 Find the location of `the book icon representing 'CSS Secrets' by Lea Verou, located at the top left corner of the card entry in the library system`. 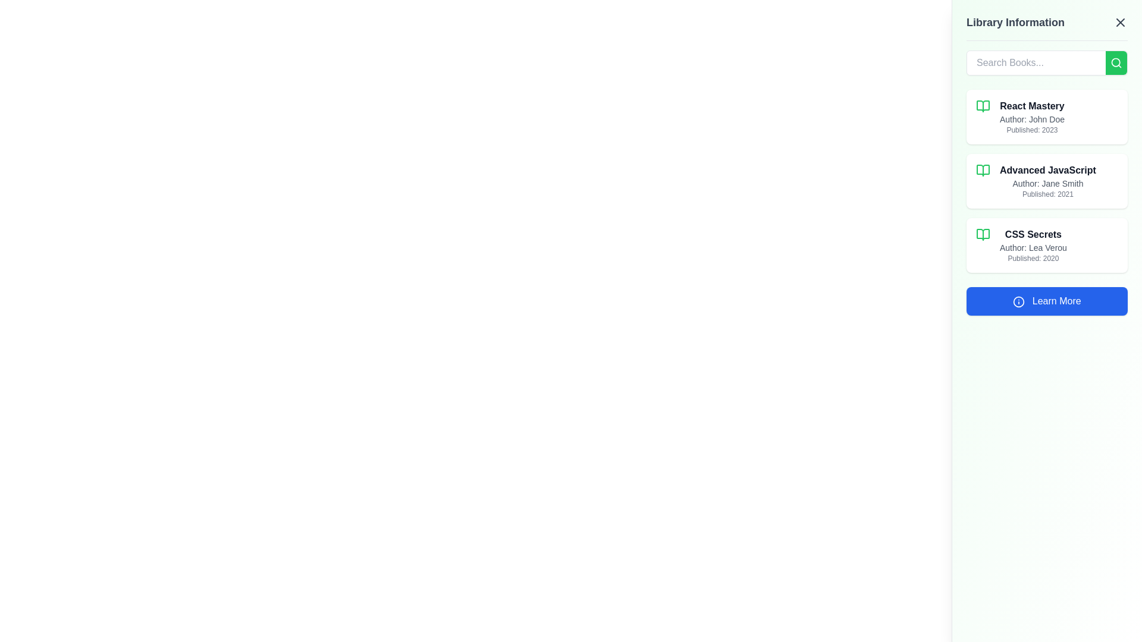

the book icon representing 'CSS Secrets' by Lea Verou, located at the top left corner of the card entry in the library system is located at coordinates (983, 234).